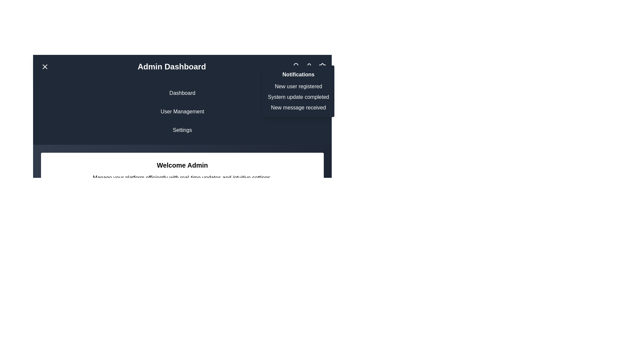  I want to click on the icon to access user, so click(309, 66).